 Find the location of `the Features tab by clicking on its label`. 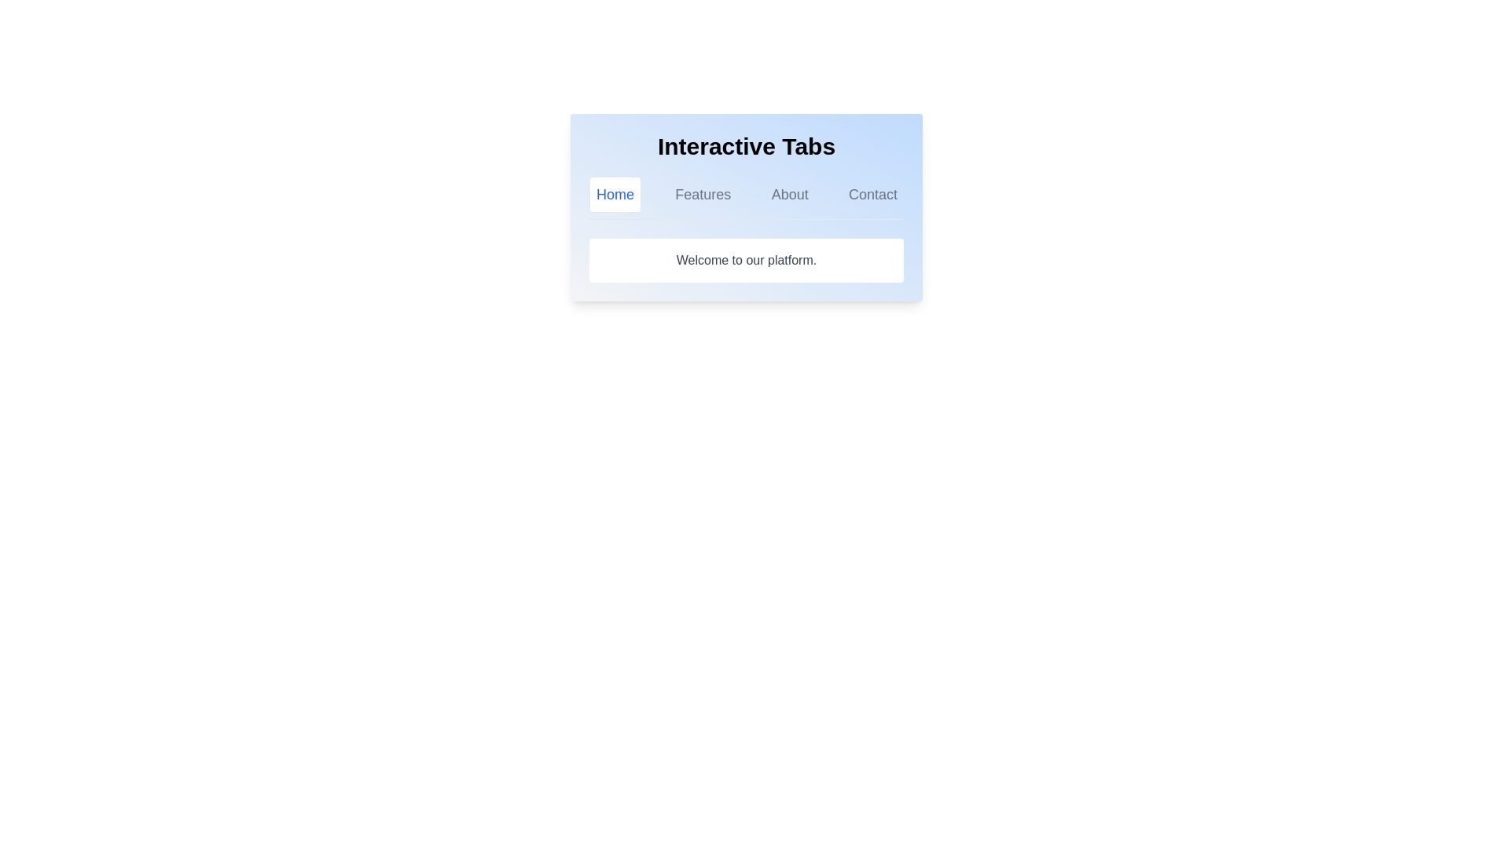

the Features tab by clicking on its label is located at coordinates (702, 193).